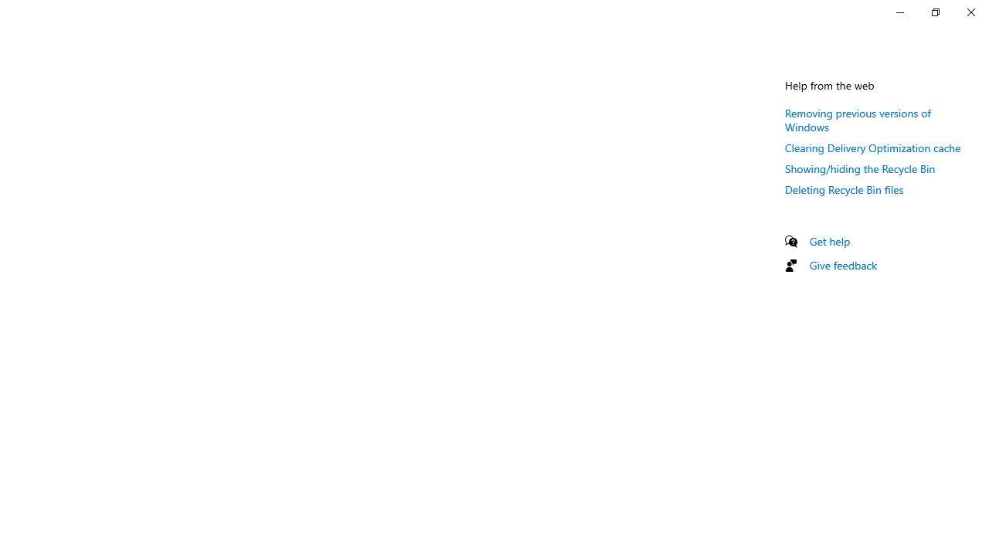 The width and height of the screenshot is (989, 556). What do you see at coordinates (873, 147) in the screenshot?
I see `'Clearing Delivery Optimization cache'` at bounding box center [873, 147].